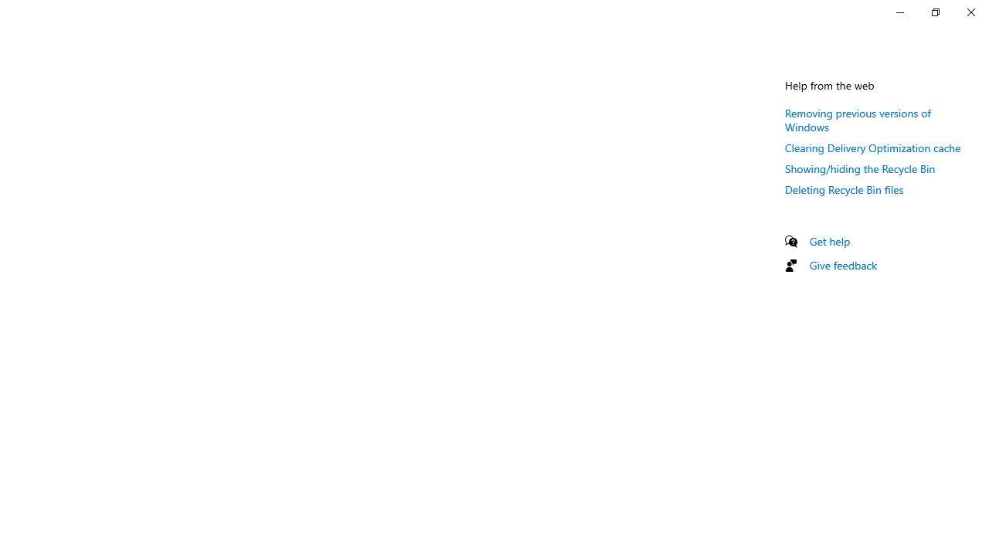 The width and height of the screenshot is (989, 556). What do you see at coordinates (873, 147) in the screenshot?
I see `'Clearing Delivery Optimization cache'` at bounding box center [873, 147].